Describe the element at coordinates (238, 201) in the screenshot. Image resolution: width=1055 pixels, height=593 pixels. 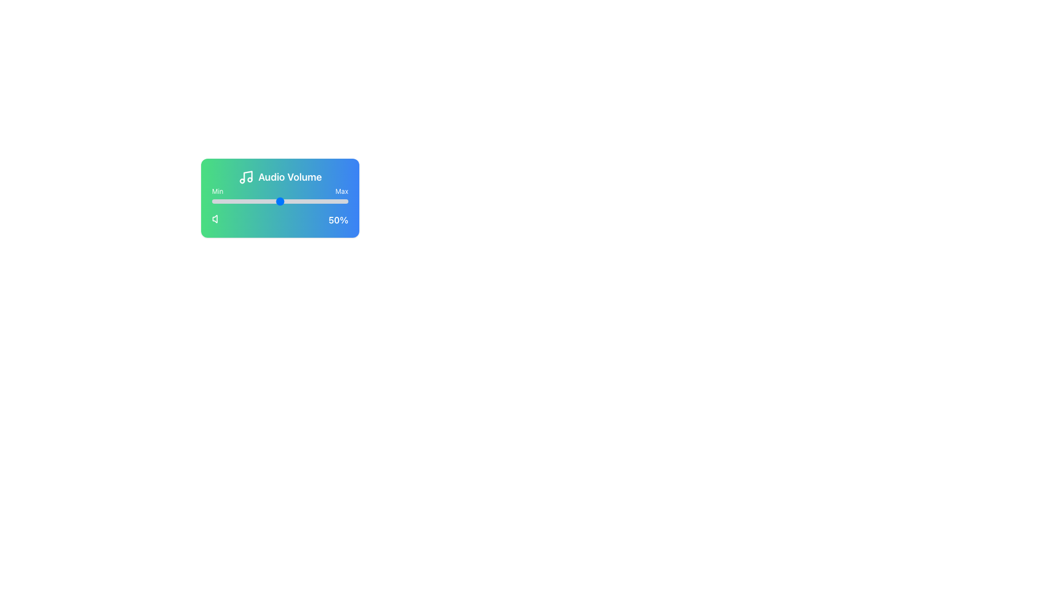
I see `the audio volume slider` at that location.